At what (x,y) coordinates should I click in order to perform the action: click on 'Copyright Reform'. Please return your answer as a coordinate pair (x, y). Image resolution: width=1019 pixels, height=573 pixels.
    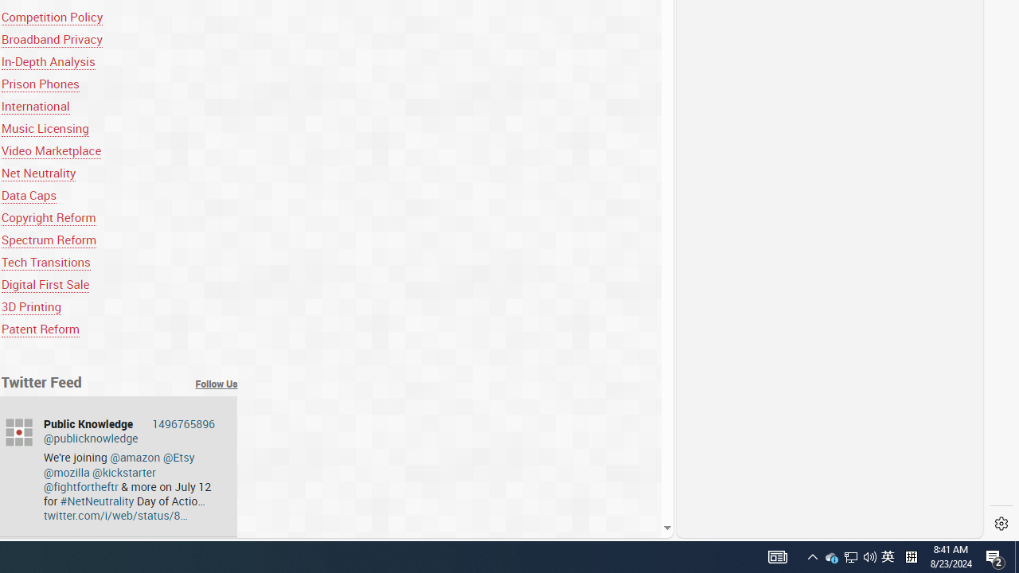
    Looking at the image, I should click on (49, 217).